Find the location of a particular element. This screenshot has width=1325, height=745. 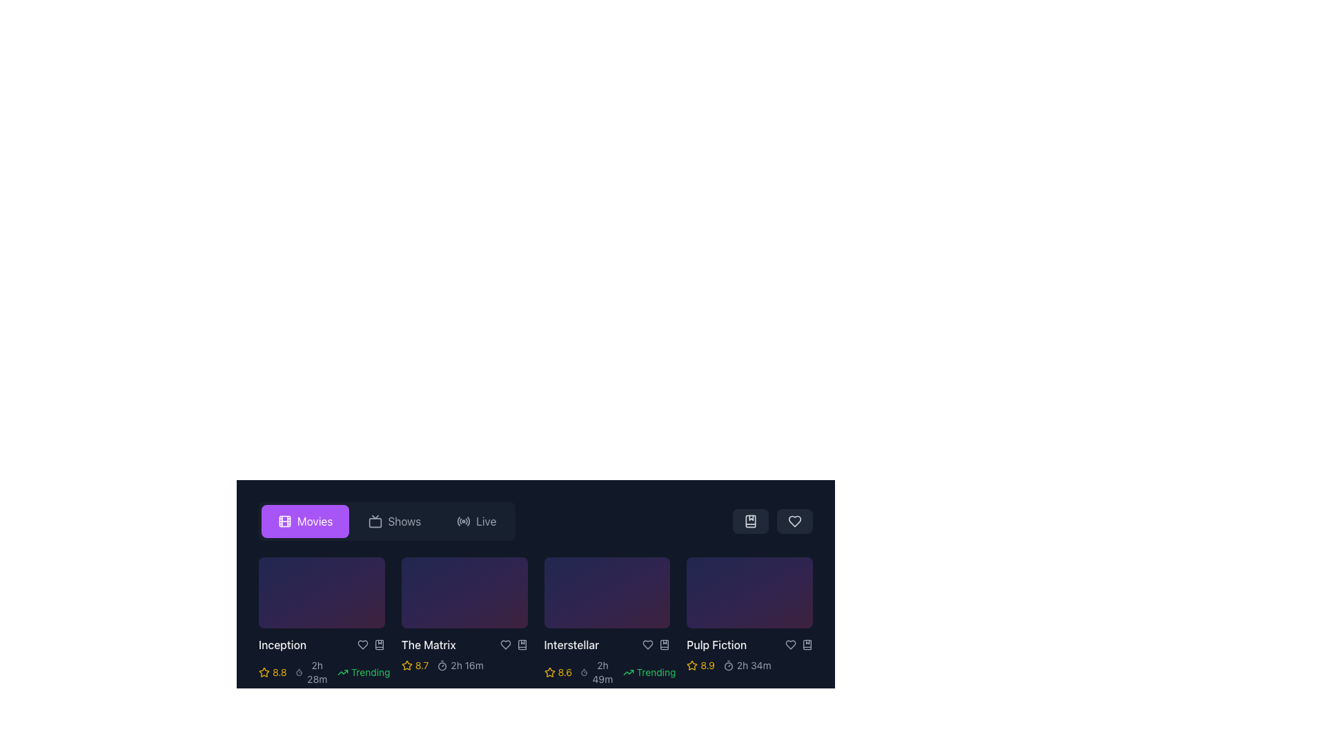

the film reel icon representing the 'Movies' category in the navigation bar is located at coordinates (284, 521).